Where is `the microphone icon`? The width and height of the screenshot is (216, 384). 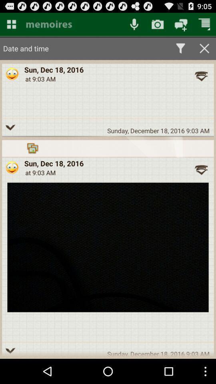
the microphone icon is located at coordinates (134, 26).